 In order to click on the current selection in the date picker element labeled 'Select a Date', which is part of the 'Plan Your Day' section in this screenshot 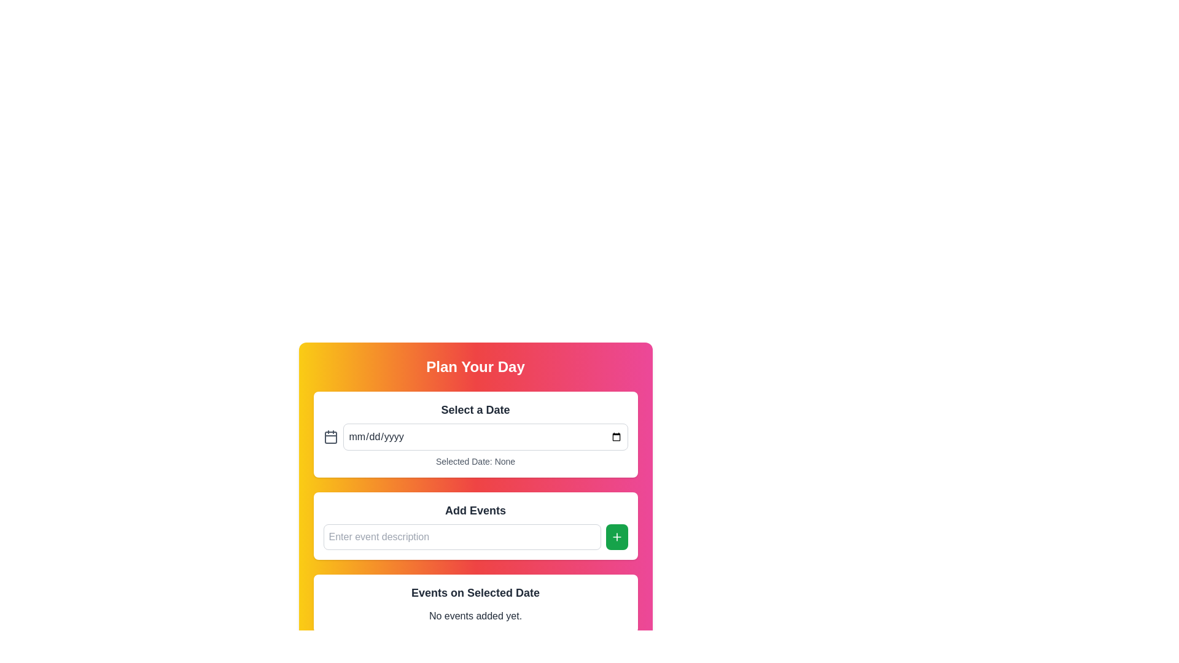, I will do `click(475, 434)`.